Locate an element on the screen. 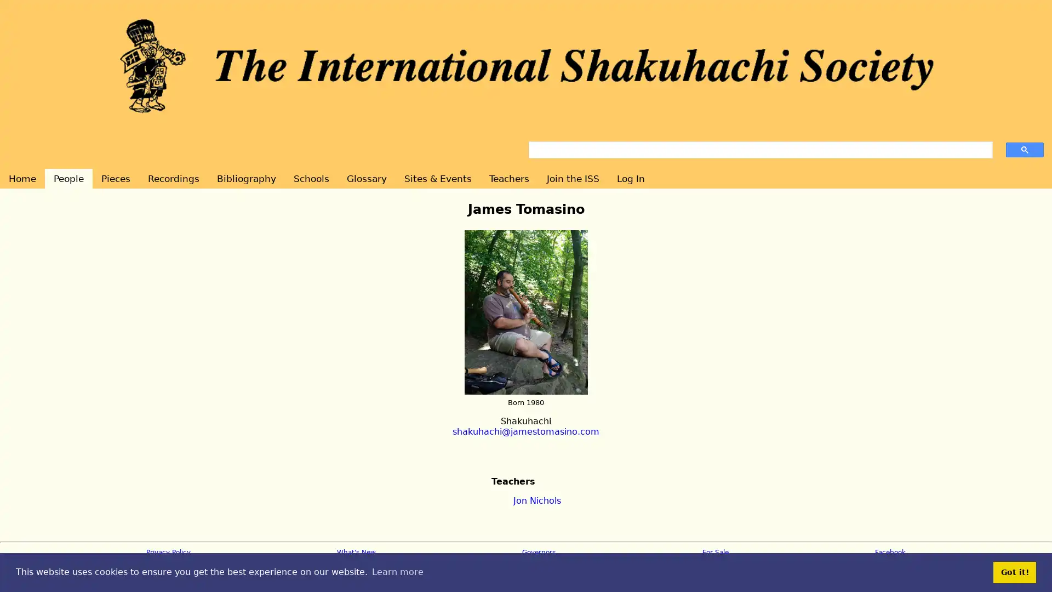 This screenshot has height=592, width=1052. search is located at coordinates (1024, 149).